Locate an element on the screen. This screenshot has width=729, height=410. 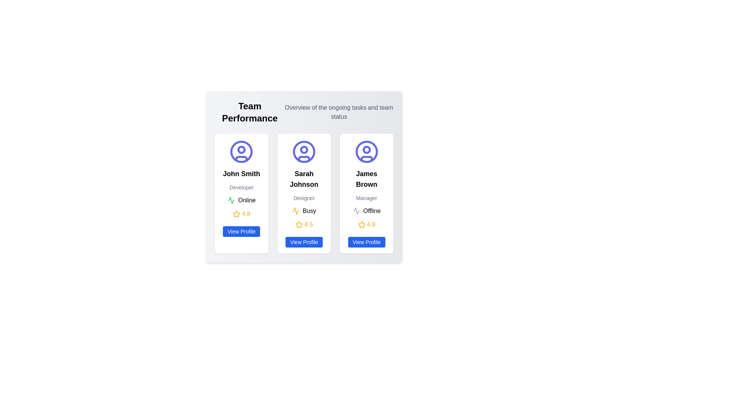
the Rating Display element showing a star icon and the rating value '4.8' in yellow, located in John Smith's profile card, under the 'Online' status is located at coordinates (241, 214).